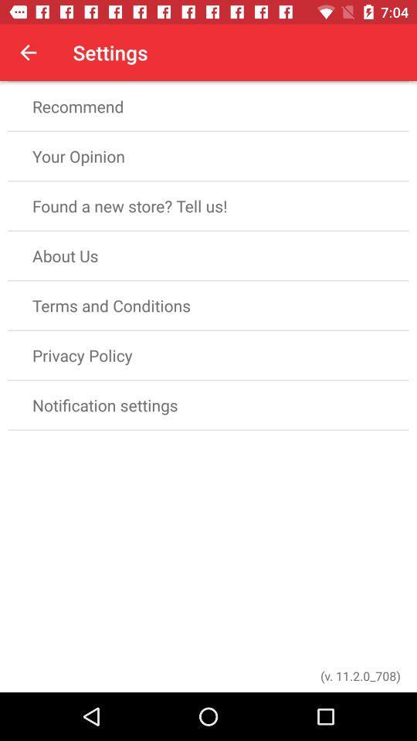 The height and width of the screenshot is (741, 417). Describe the element at coordinates (208, 205) in the screenshot. I see `found a new` at that location.